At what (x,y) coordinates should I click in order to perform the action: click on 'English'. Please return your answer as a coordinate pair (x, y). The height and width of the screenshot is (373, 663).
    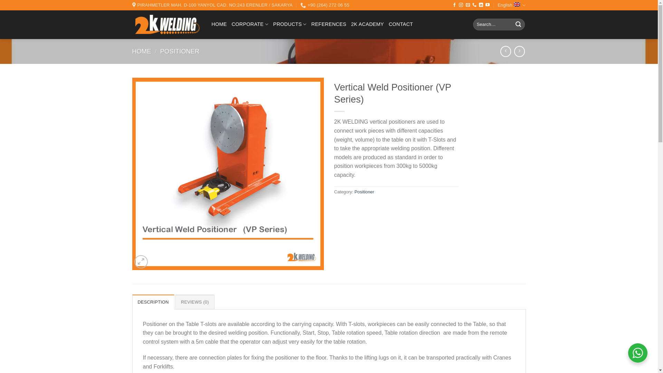
    Looking at the image, I should click on (497, 5).